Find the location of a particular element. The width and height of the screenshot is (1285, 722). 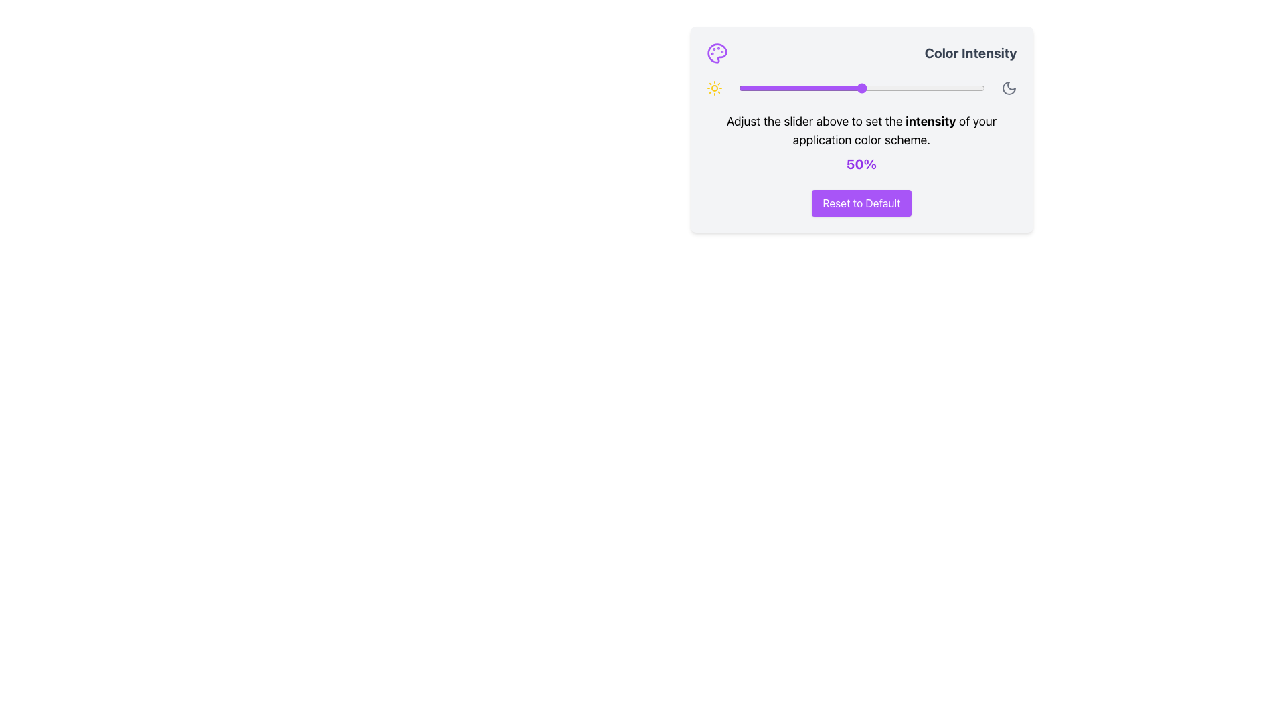

text label displaying 'Color Intensity' located in the top-right corner of the light gray panel is located at coordinates (970, 53).